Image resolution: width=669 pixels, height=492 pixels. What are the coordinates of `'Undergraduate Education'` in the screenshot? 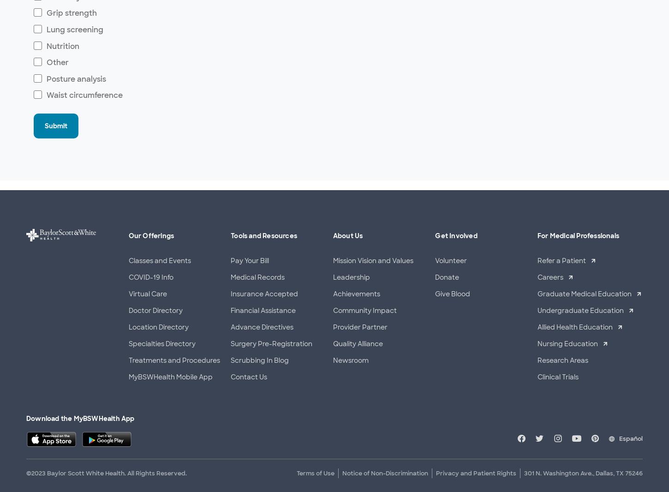 It's located at (537, 310).